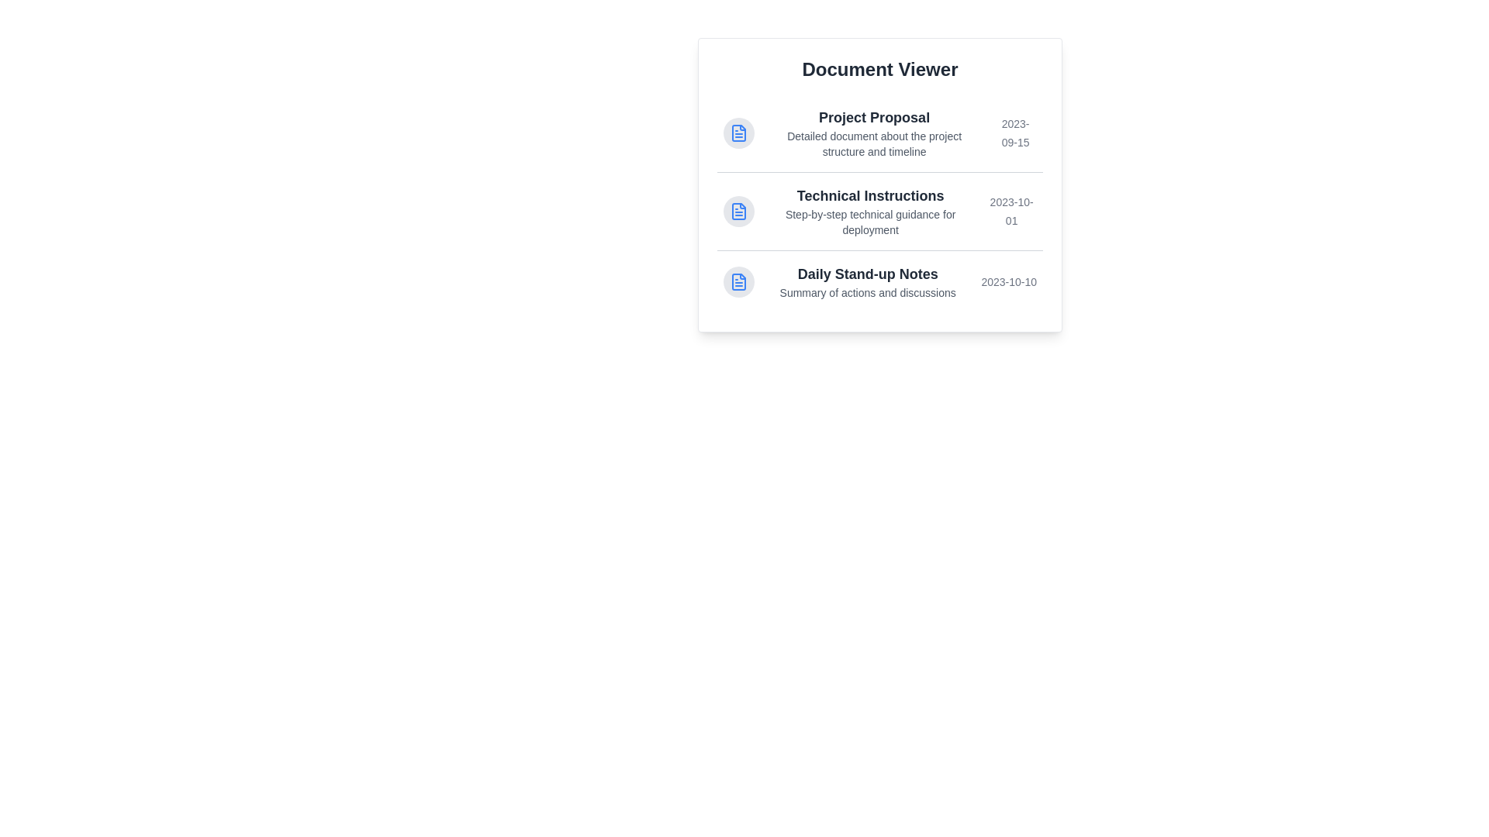  Describe the element at coordinates (879, 211) in the screenshot. I see `the document titled Technical Instructions to highlight it` at that location.